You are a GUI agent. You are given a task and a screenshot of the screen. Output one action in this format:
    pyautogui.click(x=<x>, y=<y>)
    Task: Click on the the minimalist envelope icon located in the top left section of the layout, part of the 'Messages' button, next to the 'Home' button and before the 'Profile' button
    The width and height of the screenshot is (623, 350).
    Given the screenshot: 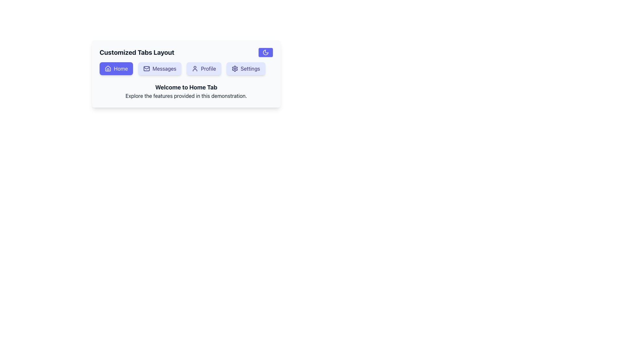 What is the action you would take?
    pyautogui.click(x=146, y=69)
    